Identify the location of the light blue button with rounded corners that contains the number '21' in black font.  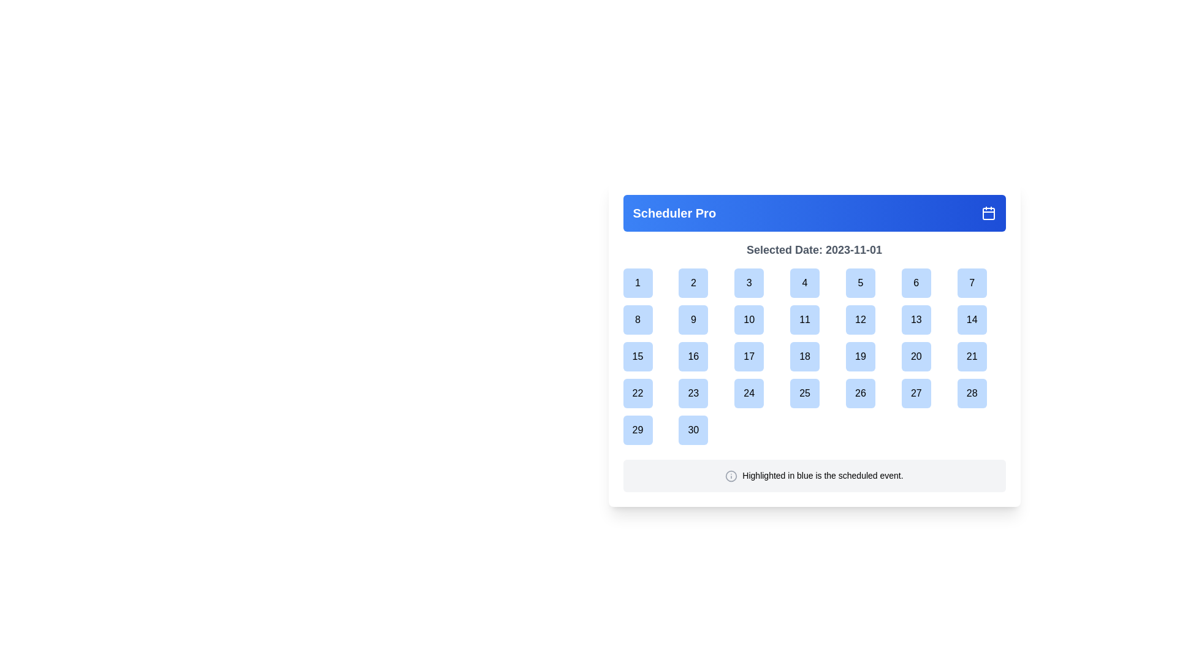
(970, 357).